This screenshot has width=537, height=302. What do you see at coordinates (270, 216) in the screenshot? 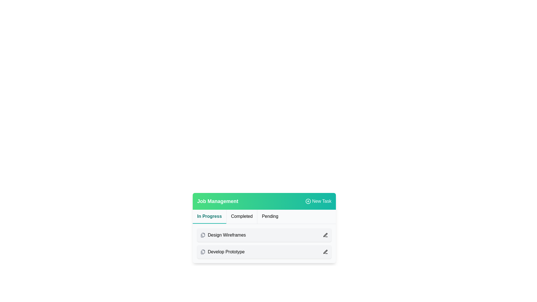
I see `the 'Pending' label, which is the rightmost in a group of three labels under the 'Job Management' component` at bounding box center [270, 216].